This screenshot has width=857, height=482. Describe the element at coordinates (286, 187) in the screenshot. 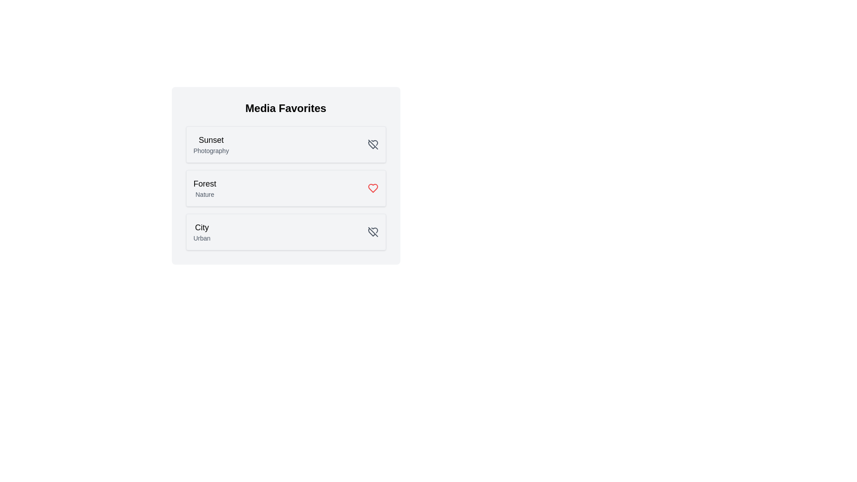

I see `the media item card corresponding to Forest` at that location.